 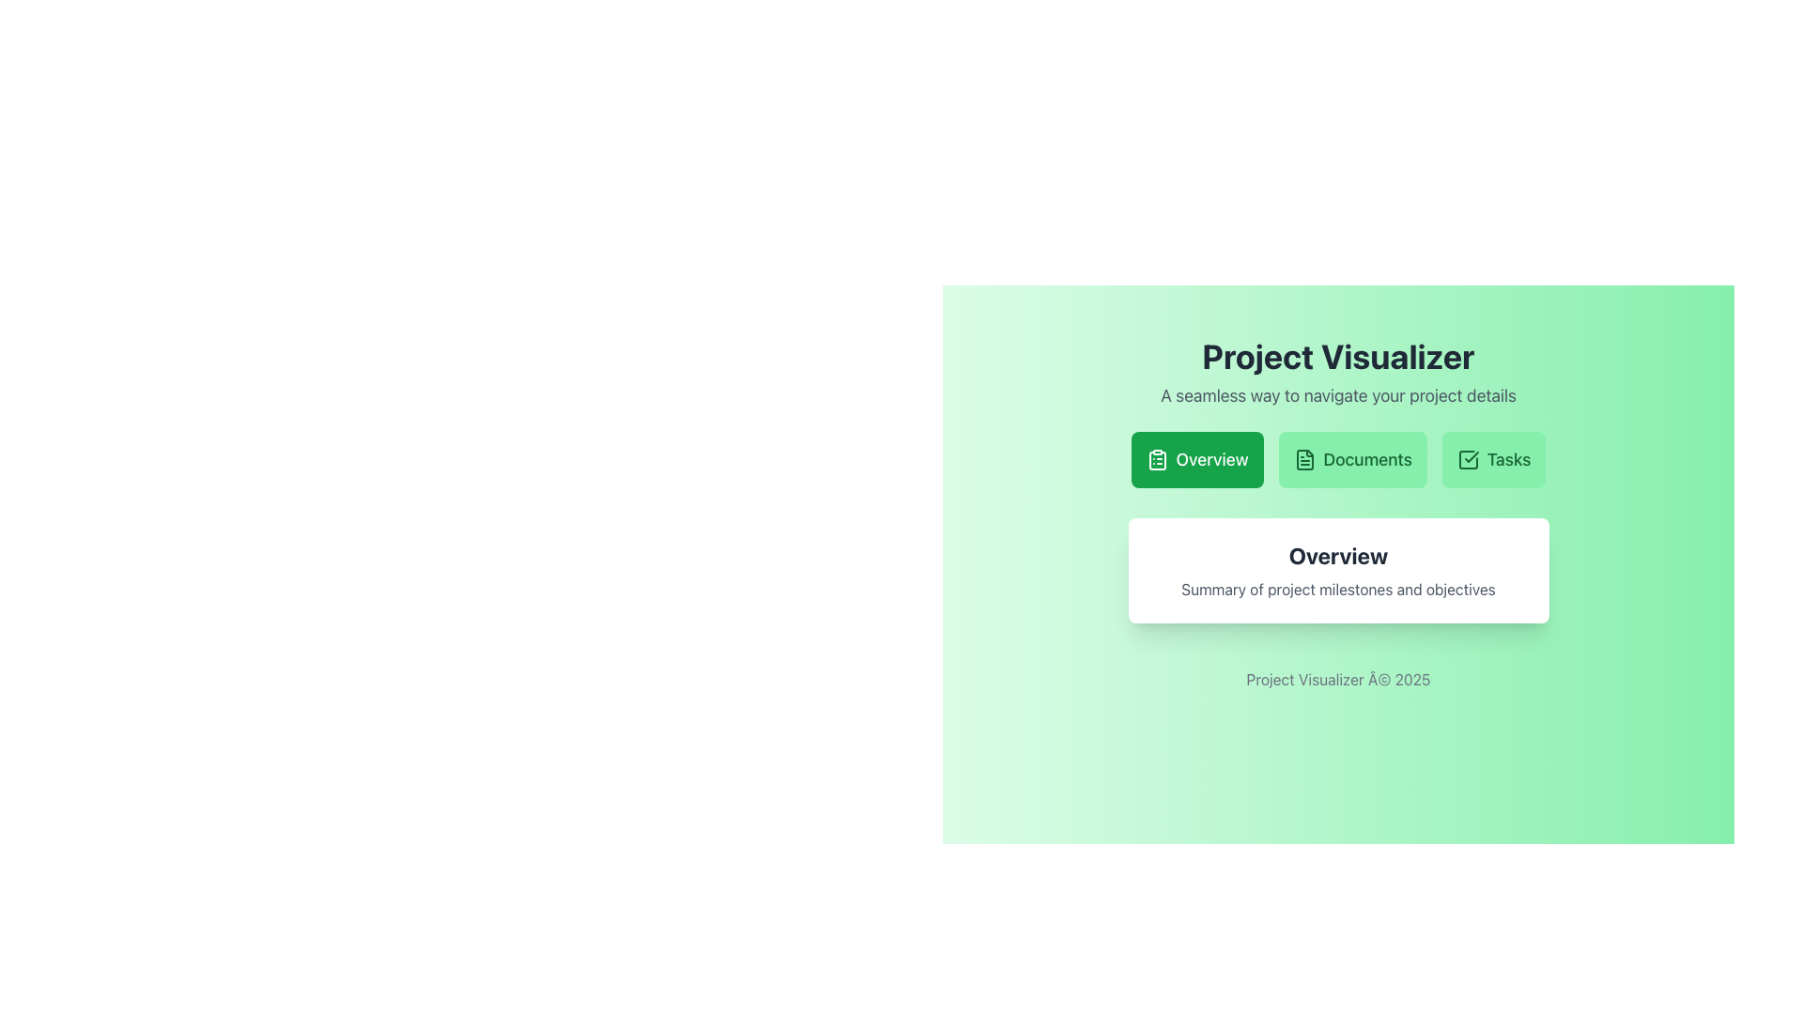 What do you see at coordinates (1492, 459) in the screenshot?
I see `the green 'Tasks' button with rounded corners and a checkmark icon` at bounding box center [1492, 459].